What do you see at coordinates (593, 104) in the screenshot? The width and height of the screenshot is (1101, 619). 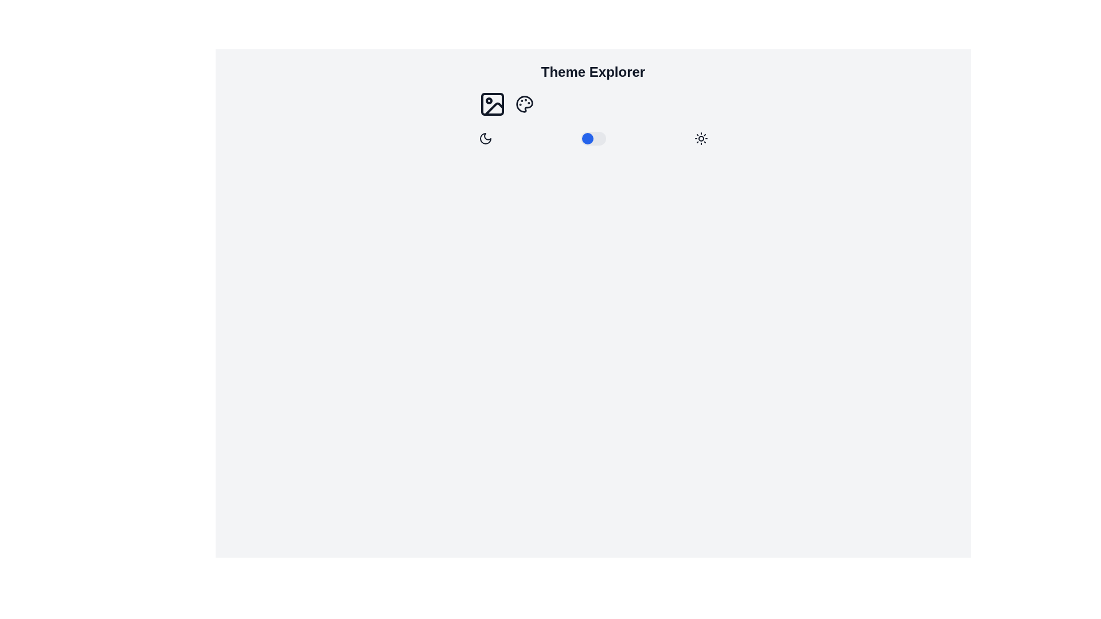 I see `the group of icons representing the theme exploration menu located directly below the 'Theme Explorer' title` at bounding box center [593, 104].